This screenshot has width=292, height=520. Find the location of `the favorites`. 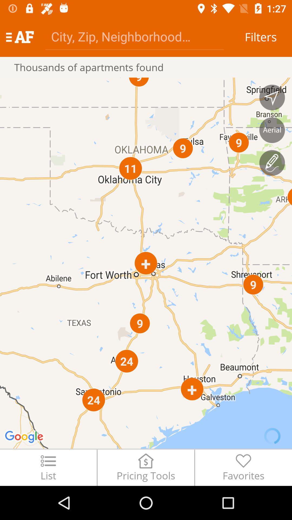

the favorites is located at coordinates (243, 467).